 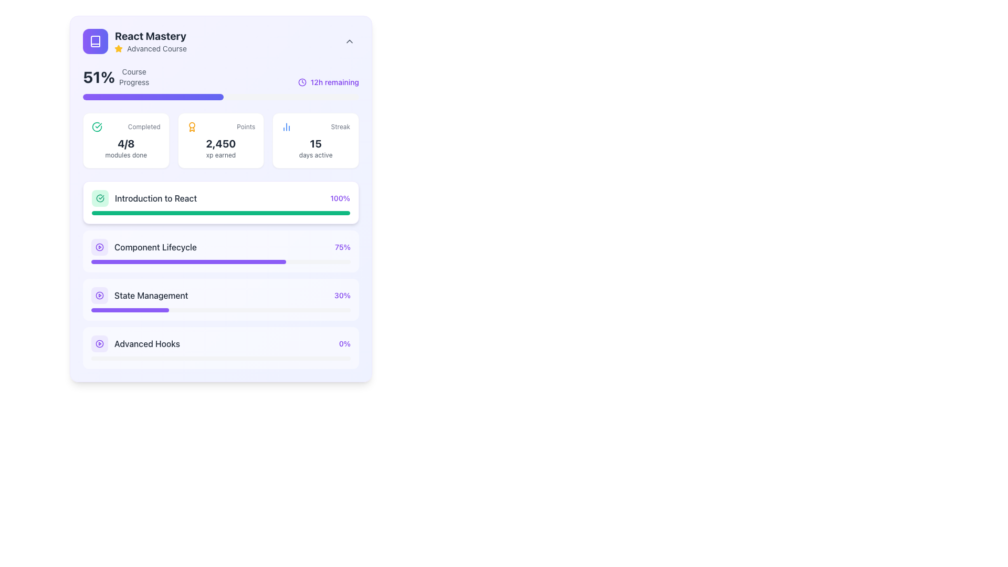 What do you see at coordinates (130, 309) in the screenshot?
I see `the violet-filled progress bar indicating 30% completion for the 'State Management' module, which is between 'Component Lifecycle' and 'Advanced Hooks'` at bounding box center [130, 309].